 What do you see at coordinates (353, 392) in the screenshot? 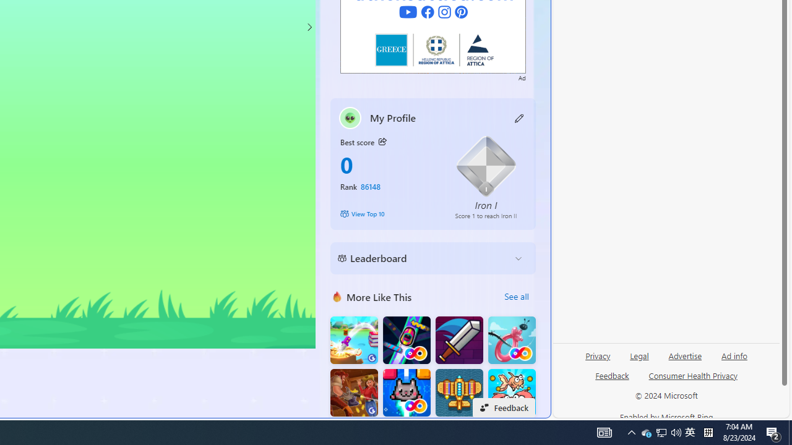
I see `'Saloon Robbery'` at bounding box center [353, 392].